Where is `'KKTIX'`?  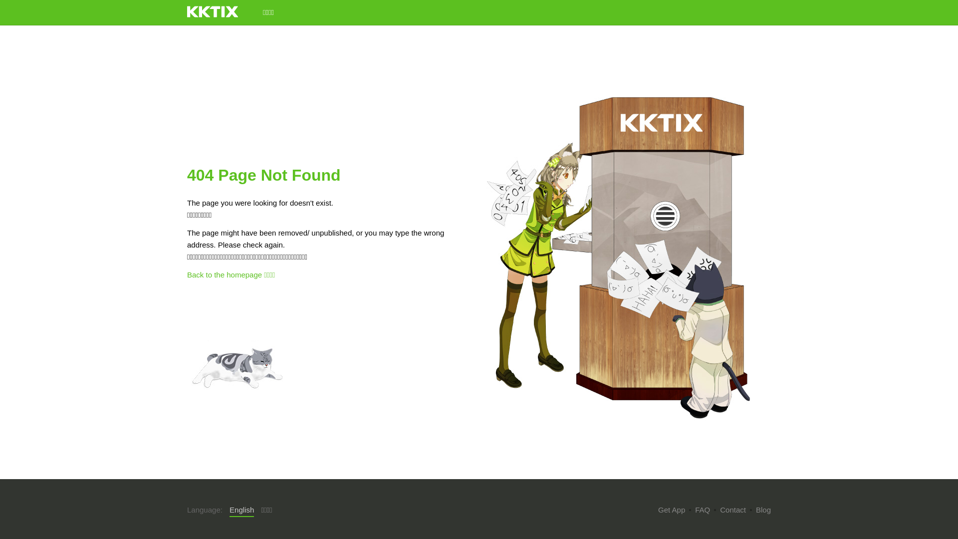
'KKTIX' is located at coordinates (212, 11).